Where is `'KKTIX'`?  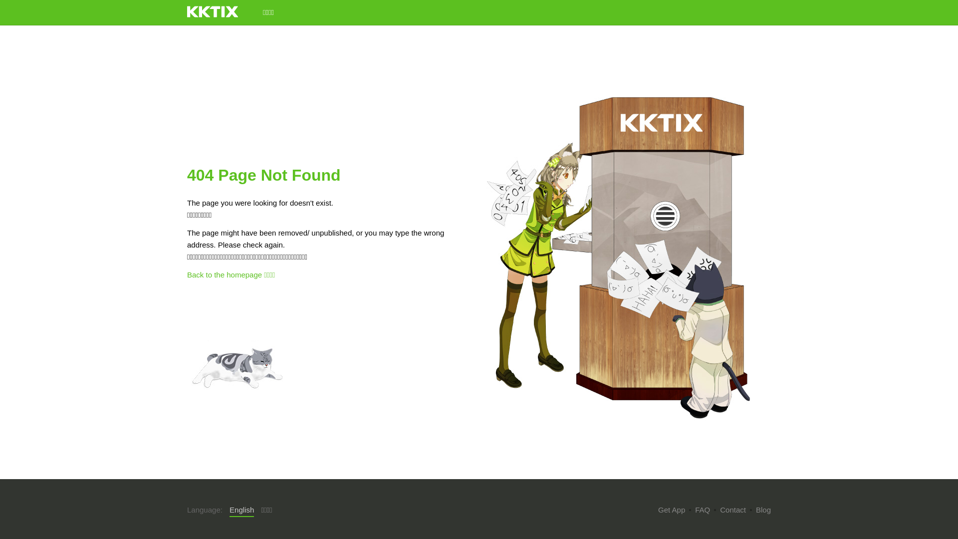
'KKTIX' is located at coordinates (212, 11).